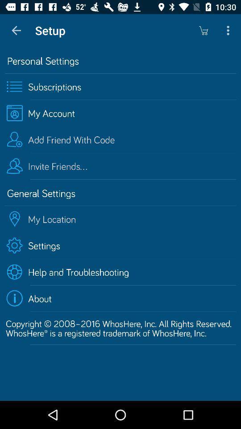  What do you see at coordinates (203, 30) in the screenshot?
I see `icon to the right of setup app` at bounding box center [203, 30].